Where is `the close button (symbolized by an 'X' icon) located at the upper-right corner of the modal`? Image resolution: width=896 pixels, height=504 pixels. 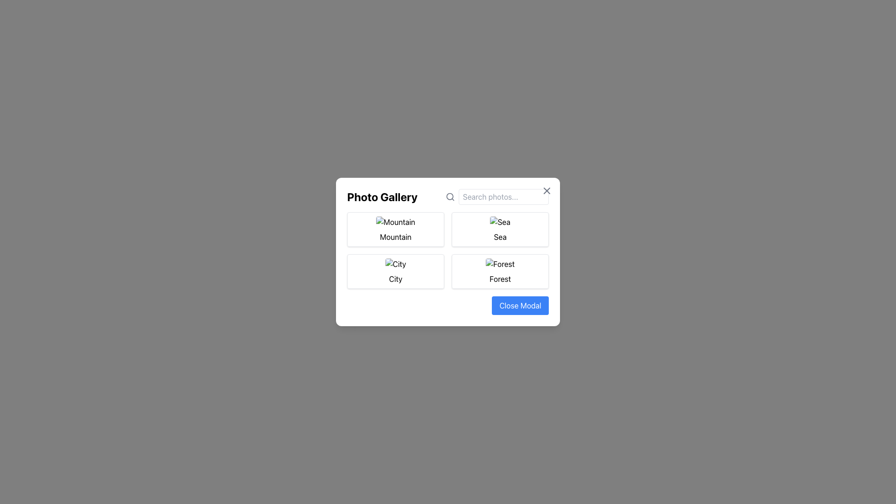 the close button (symbolized by an 'X' icon) located at the upper-right corner of the modal is located at coordinates (546, 190).